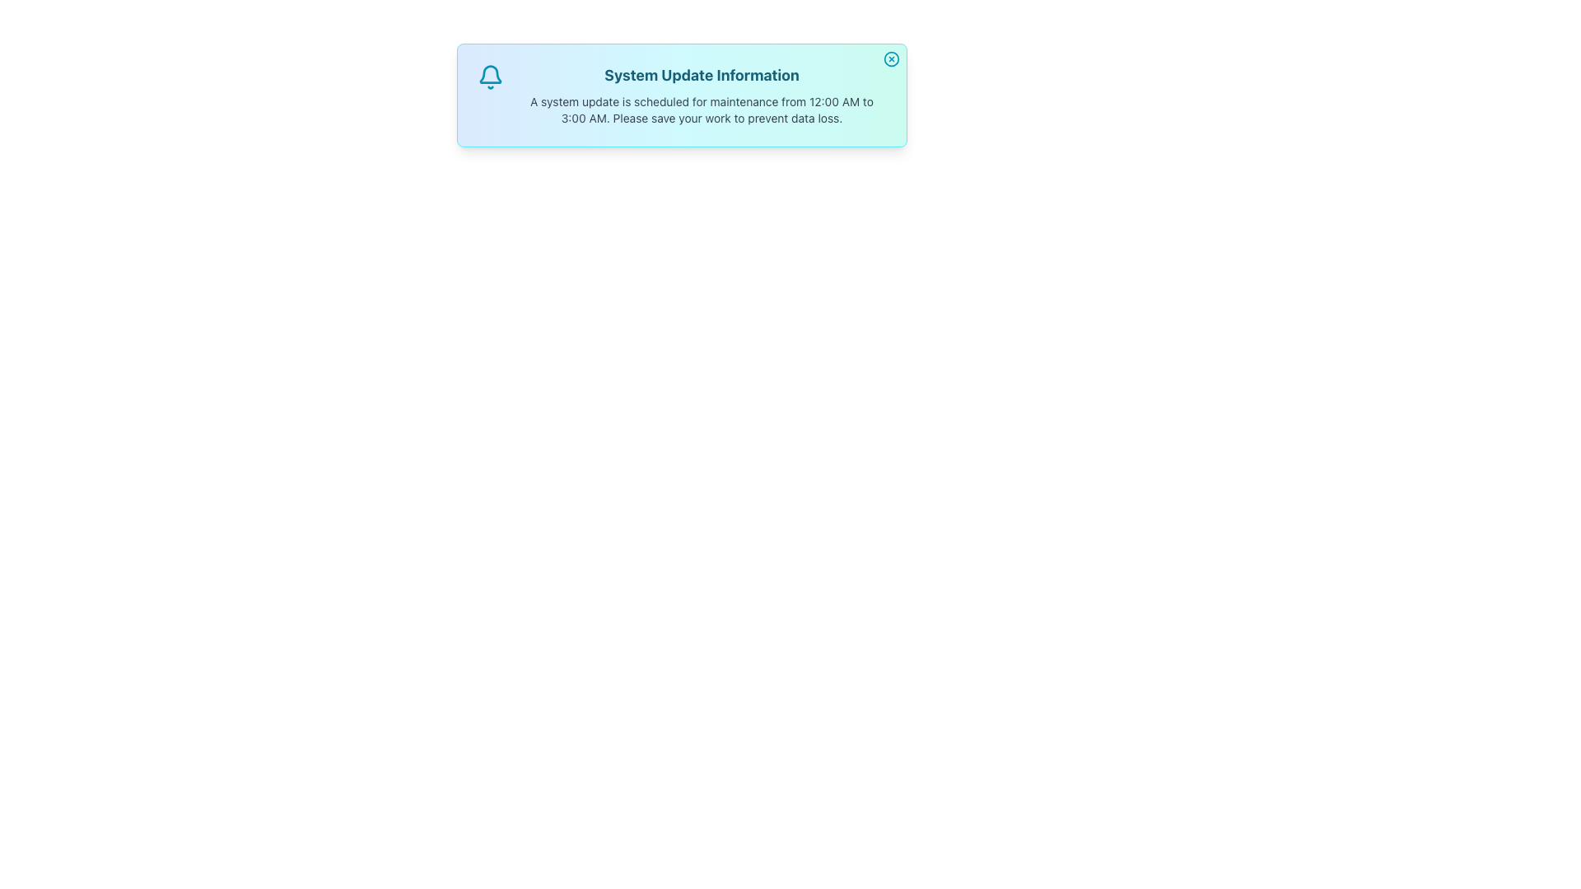 The width and height of the screenshot is (1581, 889). I want to click on the dismiss button located in the top-right corner of the notification box, so click(891, 58).